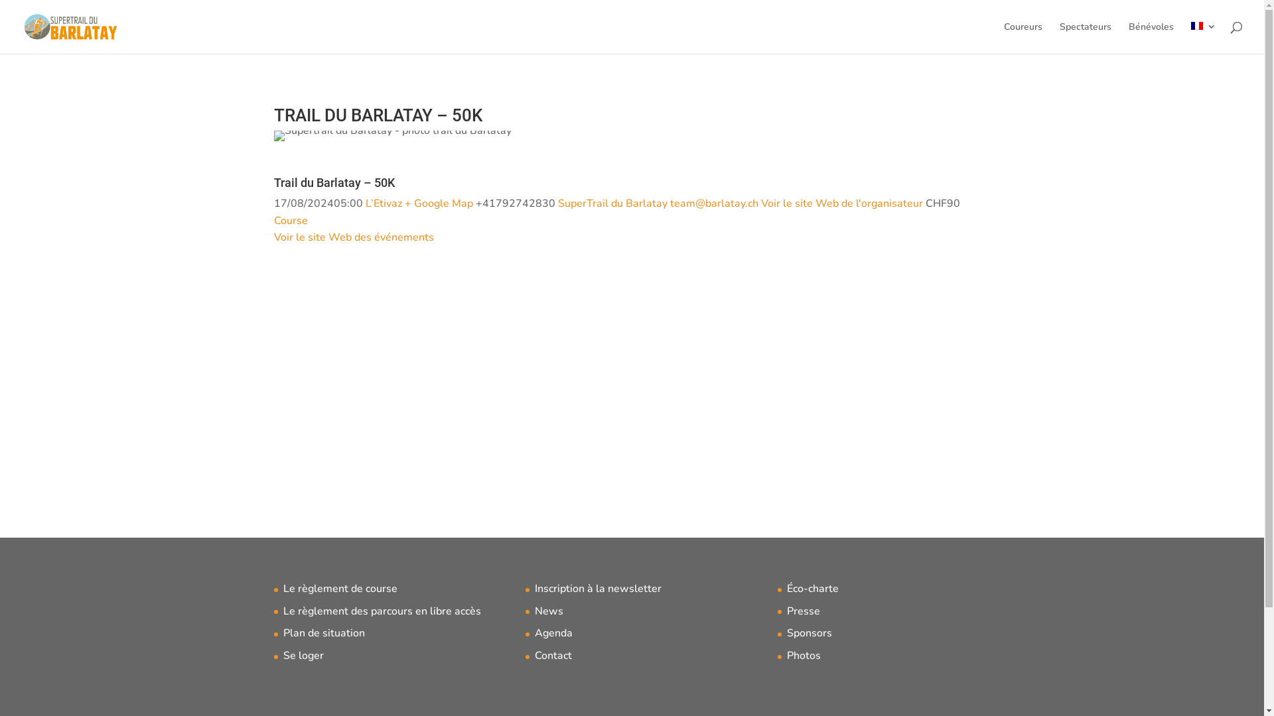 The width and height of the screenshot is (1274, 716). Describe the element at coordinates (282, 654) in the screenshot. I see `'Se loger'` at that location.